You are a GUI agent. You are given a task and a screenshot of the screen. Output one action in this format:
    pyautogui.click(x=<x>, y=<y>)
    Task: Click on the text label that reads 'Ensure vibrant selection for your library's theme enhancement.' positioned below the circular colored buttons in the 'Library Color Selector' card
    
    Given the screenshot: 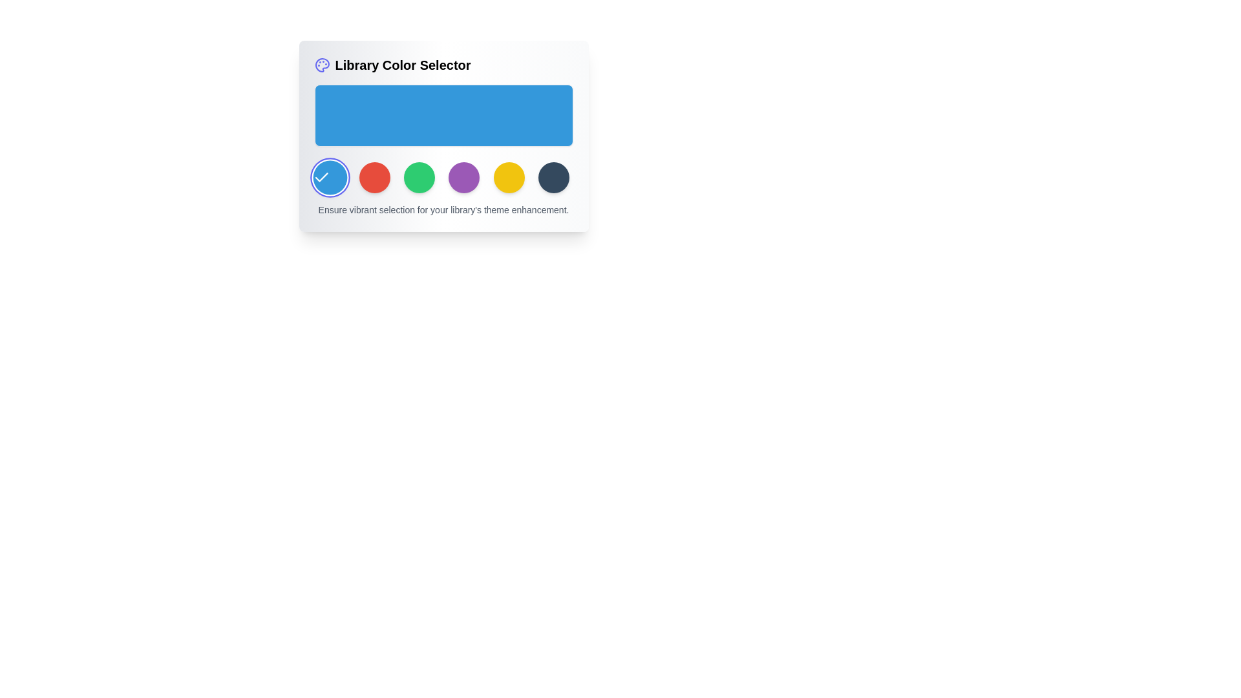 What is the action you would take?
    pyautogui.click(x=443, y=209)
    